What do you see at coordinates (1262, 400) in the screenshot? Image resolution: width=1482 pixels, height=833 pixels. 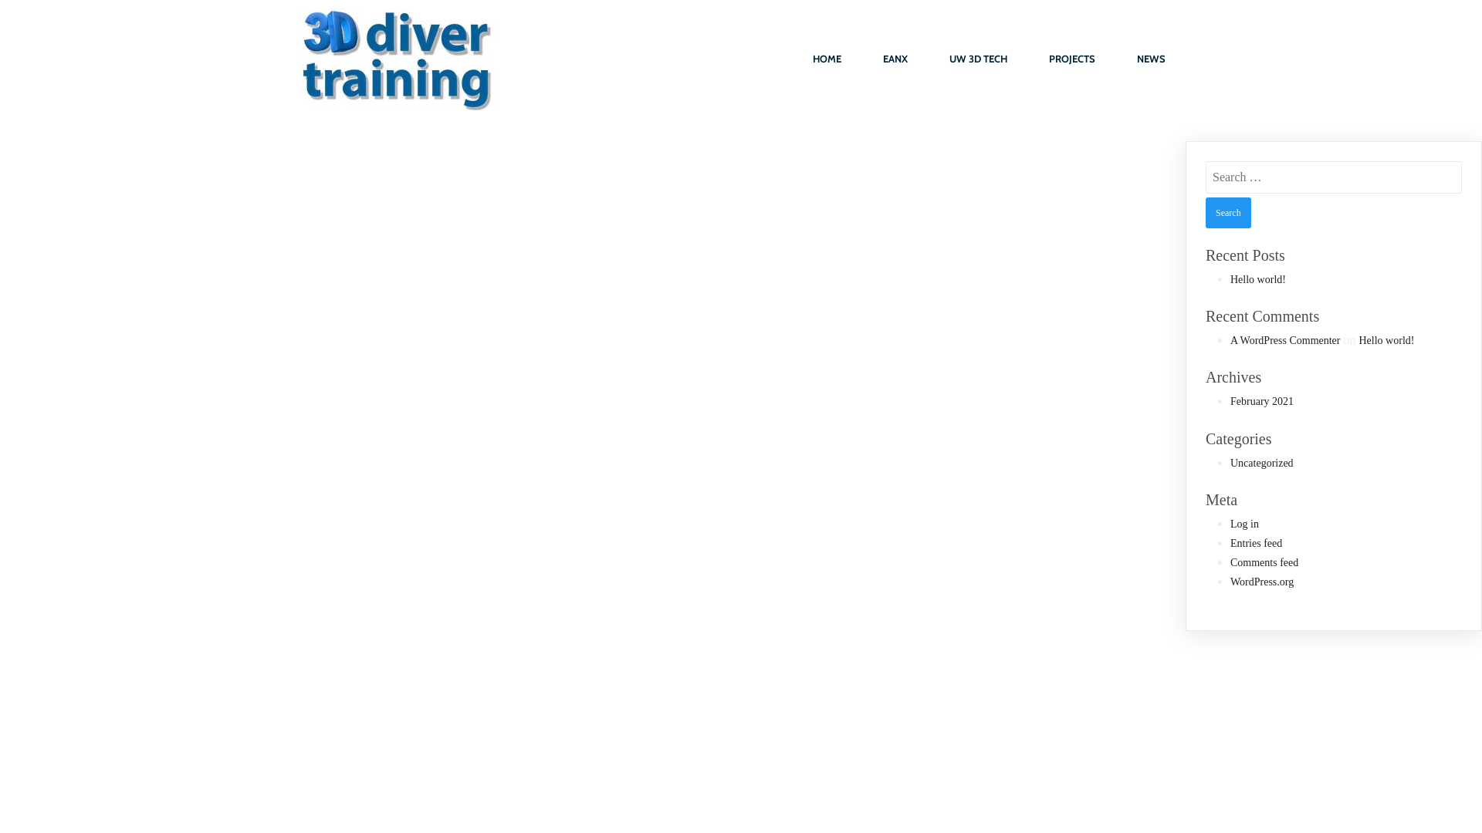 I see `'February 2021'` at bounding box center [1262, 400].